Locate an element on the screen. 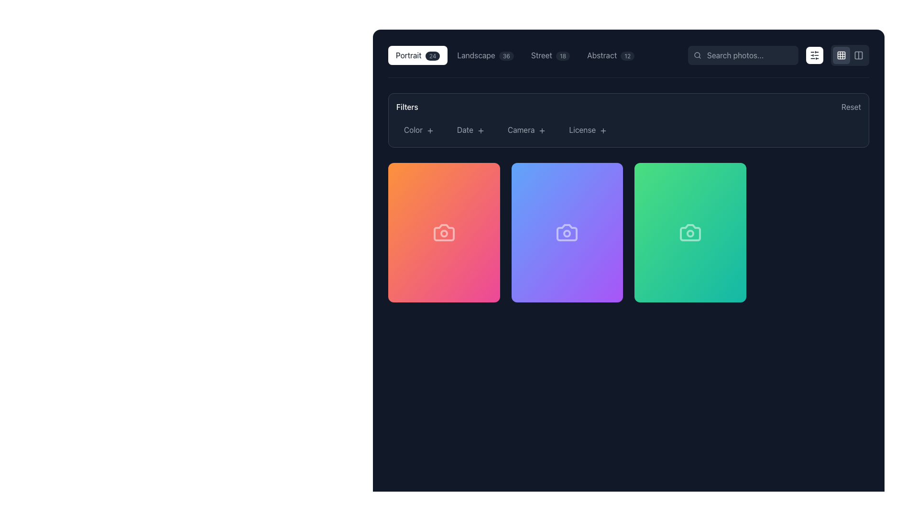  the search icon located at the left end of the input field with placeholder text 'Search photos...' at the top right corner of the page is located at coordinates (698, 55).